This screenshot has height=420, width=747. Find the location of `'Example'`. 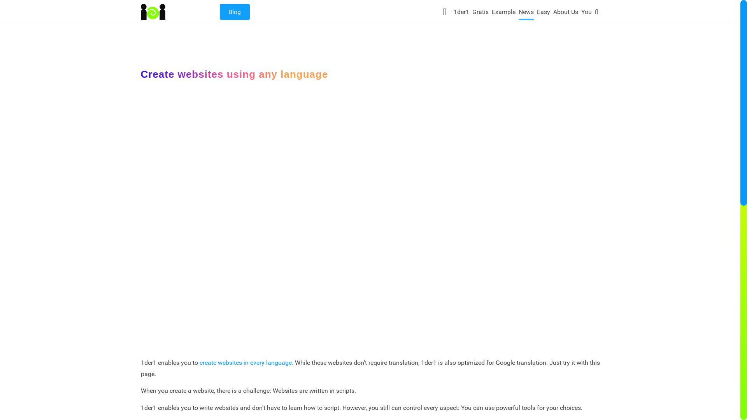

'Example' is located at coordinates (491, 13).